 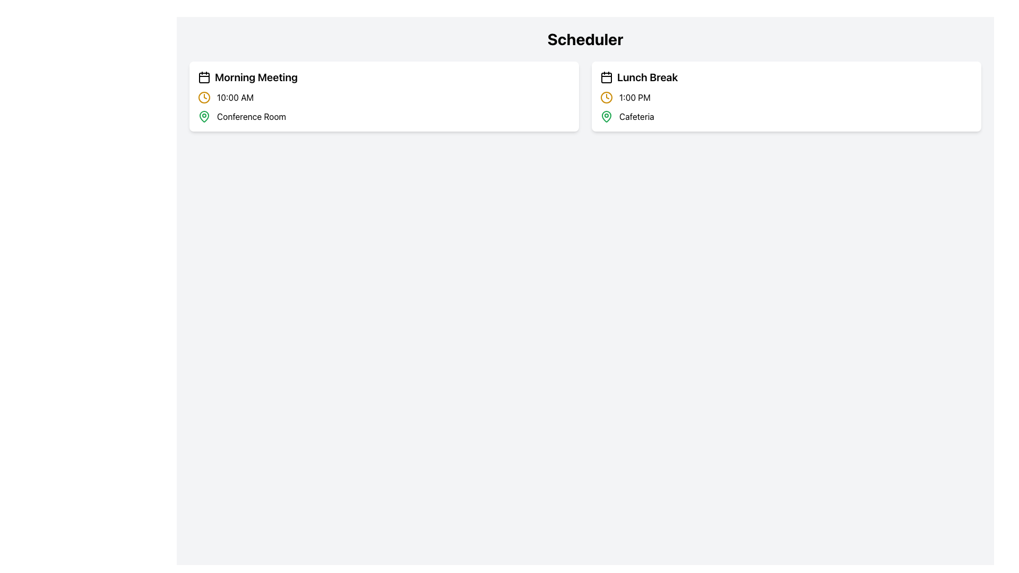 I want to click on the calendar icon located to the left of the 'Morning Meeting' text, so click(x=204, y=77).